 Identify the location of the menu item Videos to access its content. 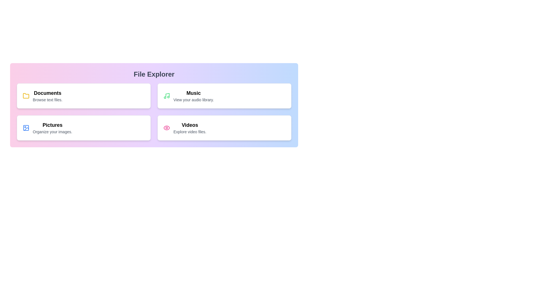
(224, 128).